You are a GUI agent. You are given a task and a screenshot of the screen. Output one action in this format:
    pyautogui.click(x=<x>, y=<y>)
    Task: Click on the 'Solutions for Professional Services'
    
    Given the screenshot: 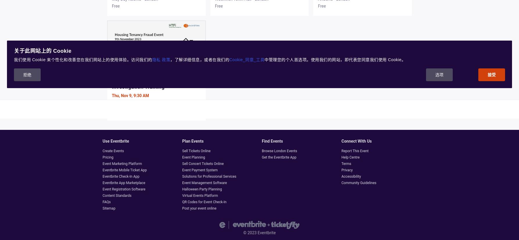 What is the action you would take?
    pyautogui.click(x=209, y=176)
    